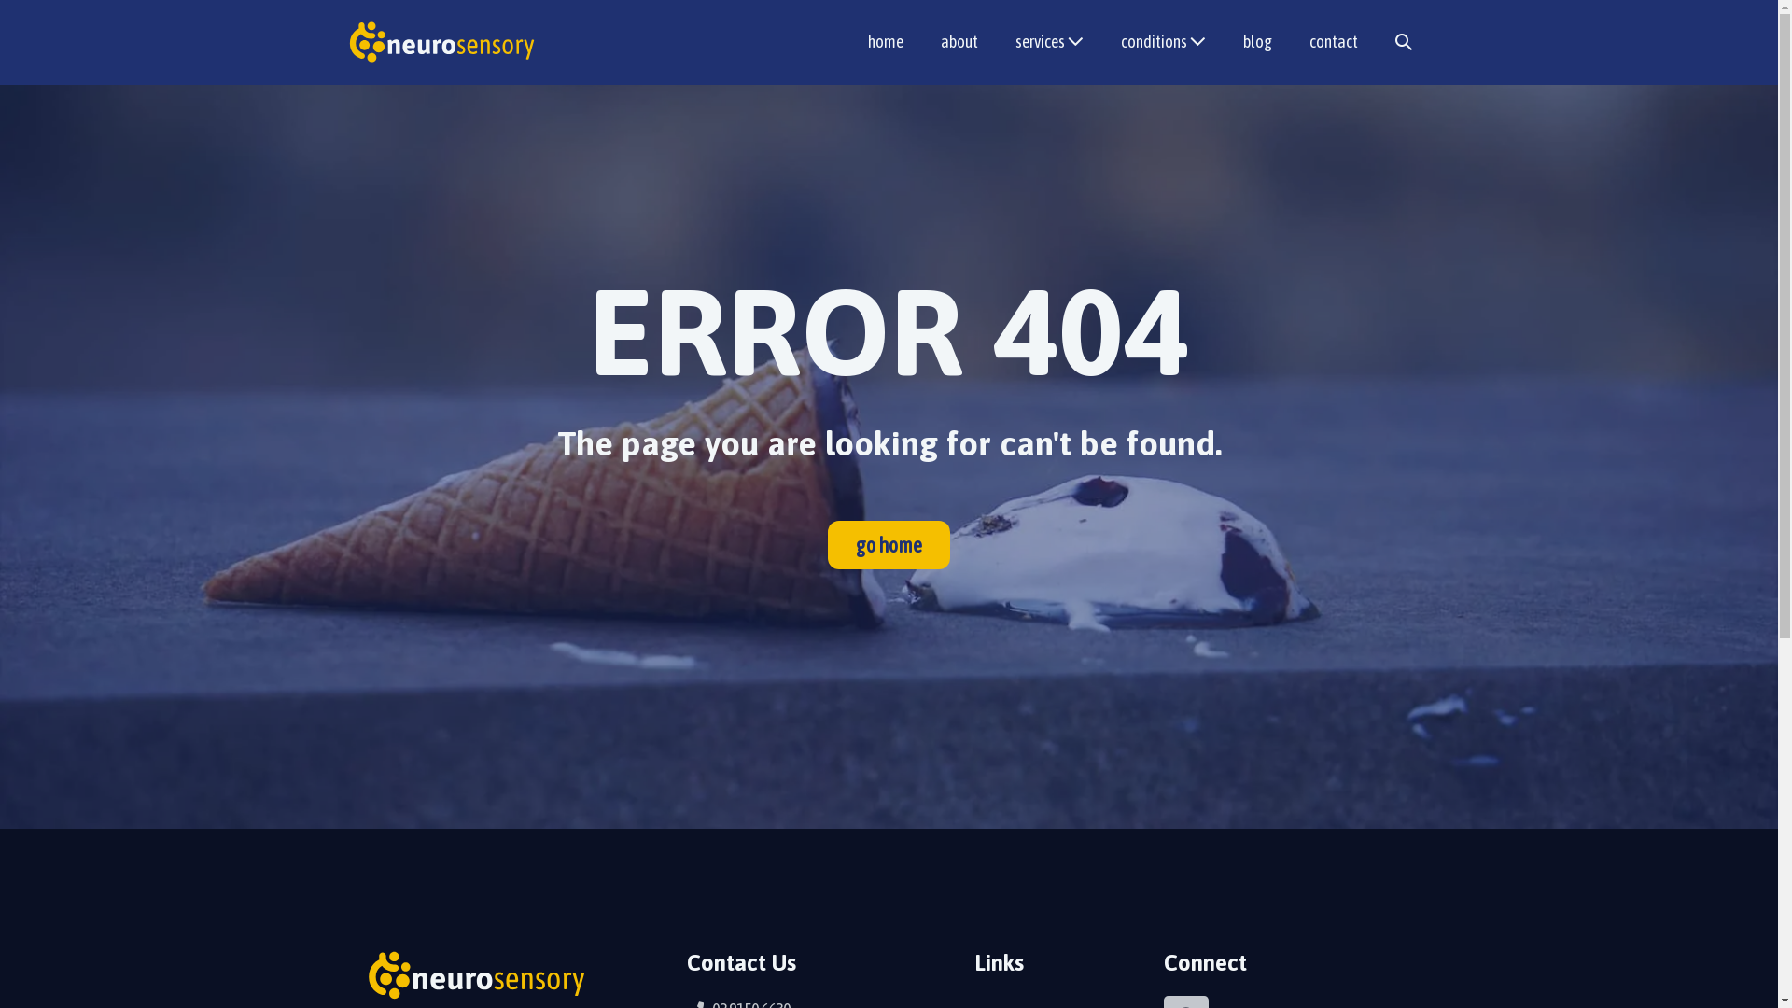 This screenshot has height=1008, width=1792. Describe the element at coordinates (1161, 42) in the screenshot. I see `'conditions'` at that location.